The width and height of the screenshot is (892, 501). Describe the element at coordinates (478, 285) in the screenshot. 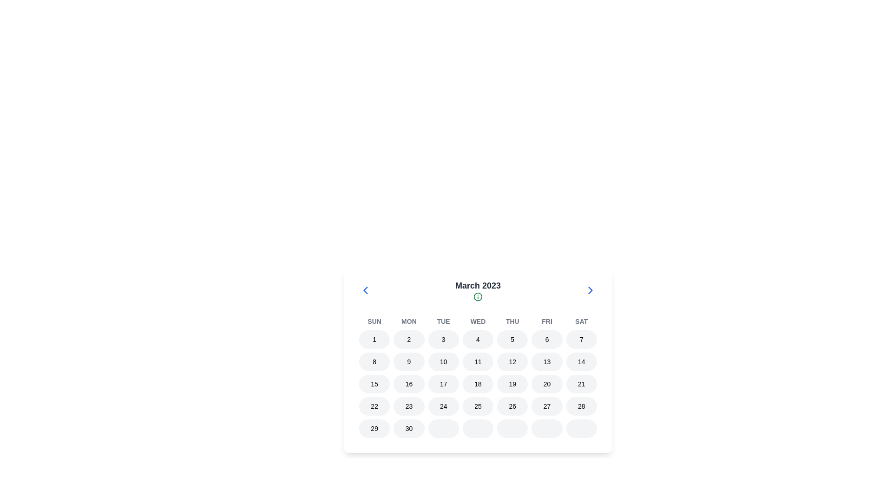

I see `the text label displaying 'March 2023' which is positioned at the top center of the calendar interface` at that location.